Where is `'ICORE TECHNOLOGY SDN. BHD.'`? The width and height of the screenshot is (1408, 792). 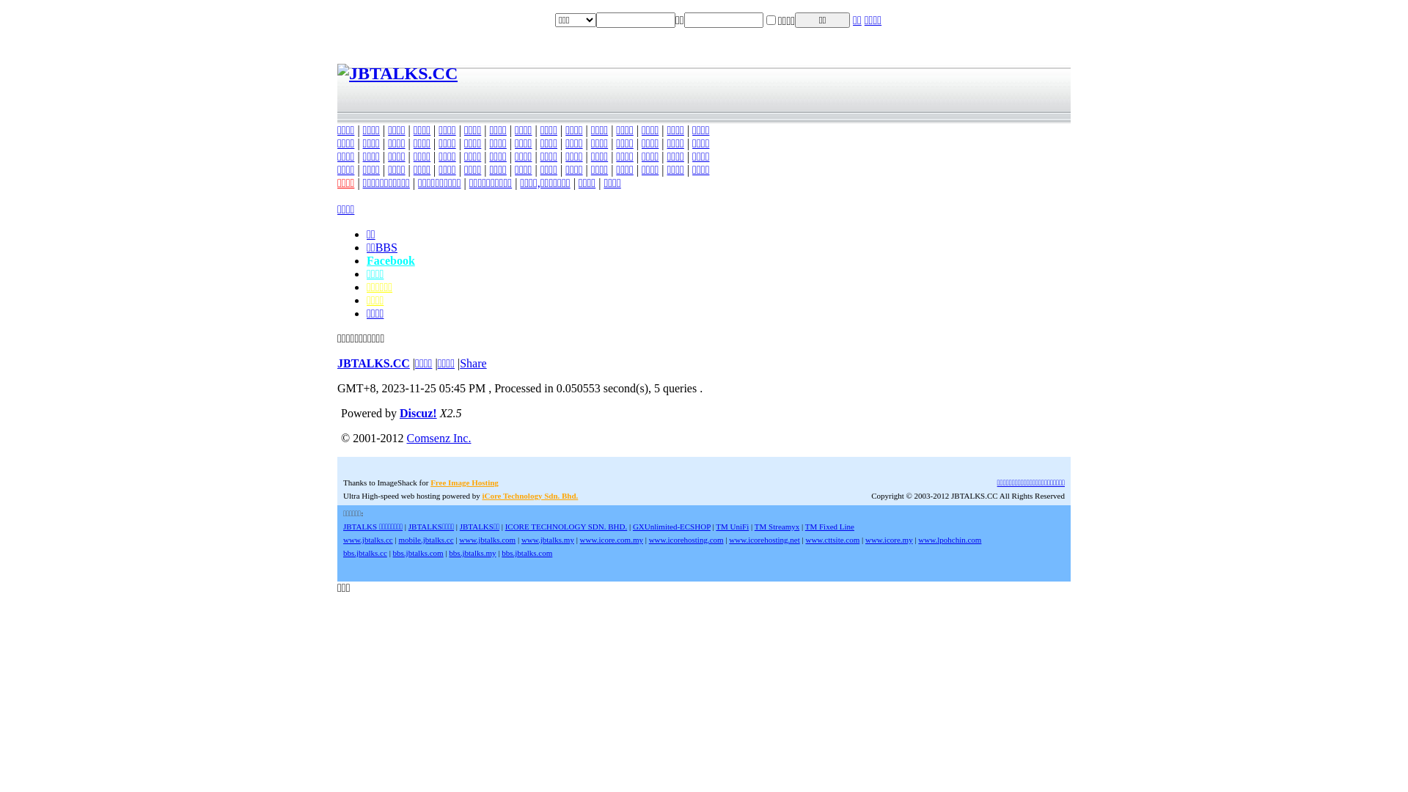 'ICORE TECHNOLOGY SDN. BHD.' is located at coordinates (505, 525).